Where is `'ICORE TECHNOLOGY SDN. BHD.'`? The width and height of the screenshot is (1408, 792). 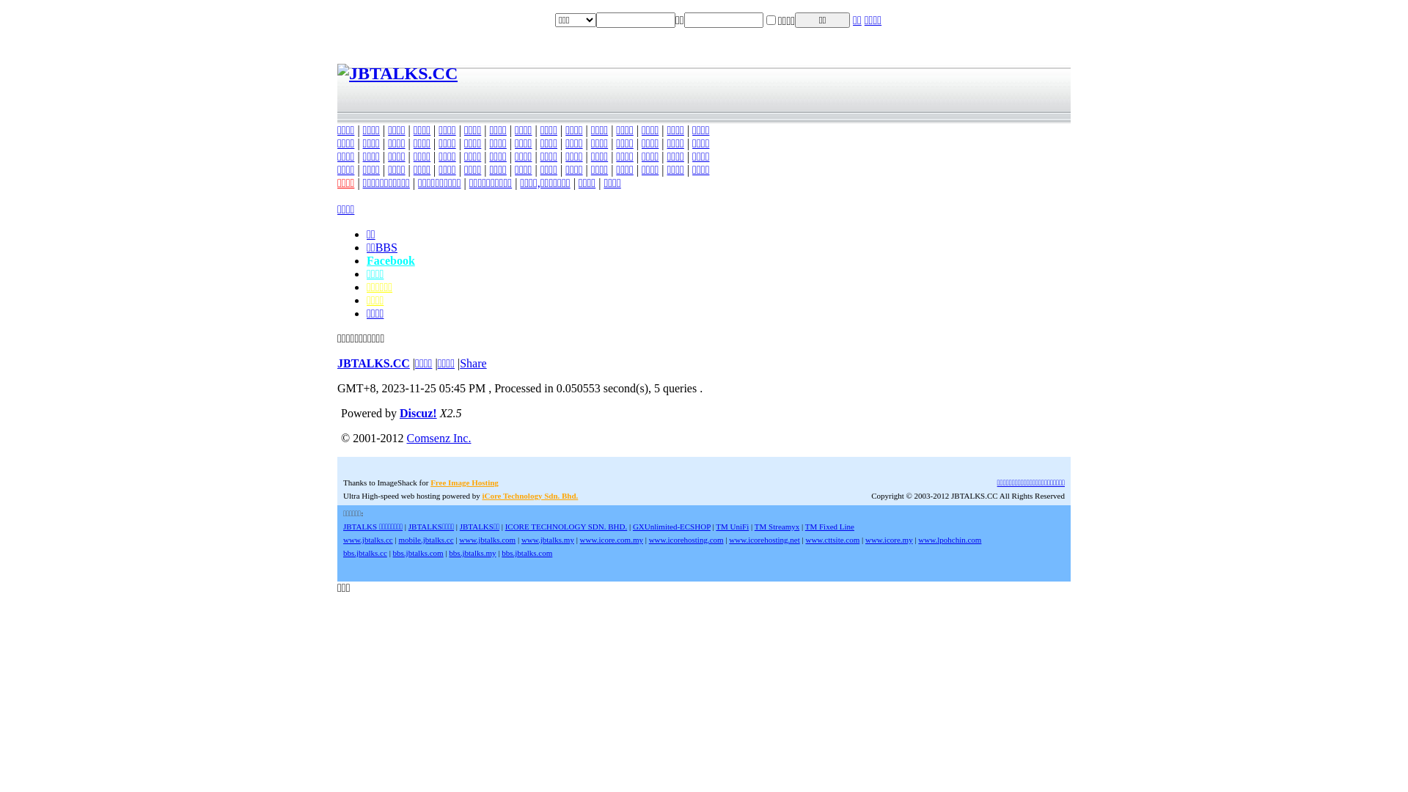 'ICORE TECHNOLOGY SDN. BHD.' is located at coordinates (505, 525).